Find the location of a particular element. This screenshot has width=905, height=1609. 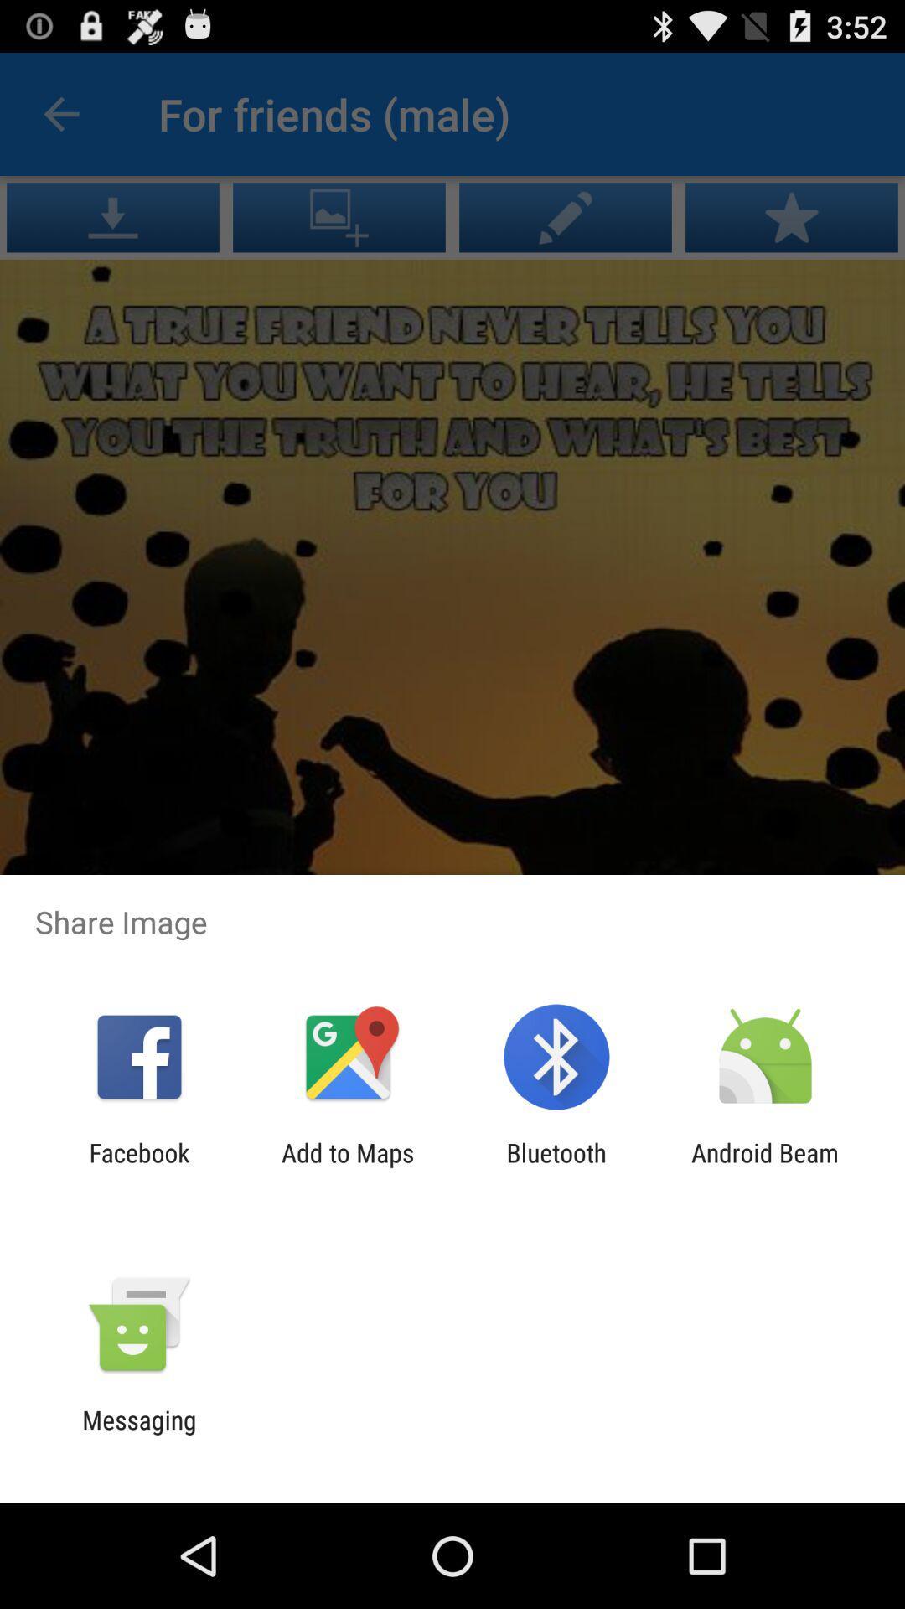

bluetooth item is located at coordinates (556, 1167).